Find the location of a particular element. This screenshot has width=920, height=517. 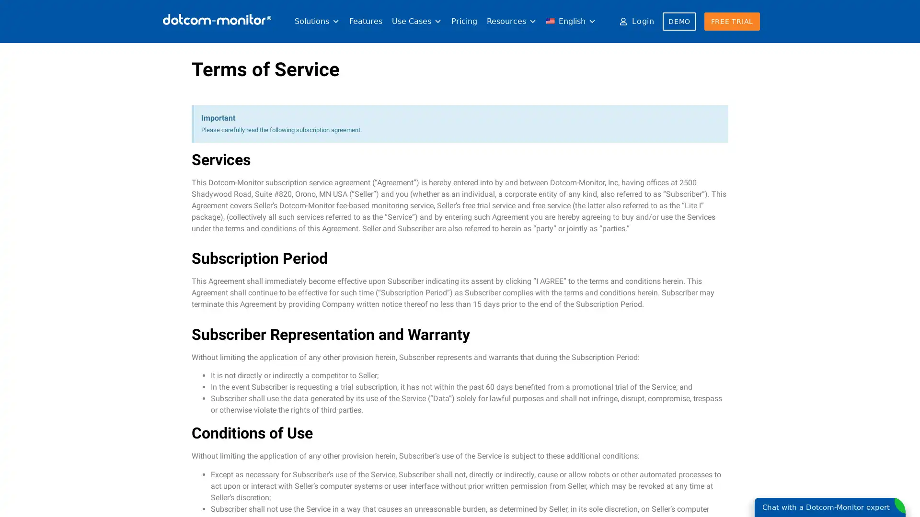

FREE TRIAL is located at coordinates (731, 22).